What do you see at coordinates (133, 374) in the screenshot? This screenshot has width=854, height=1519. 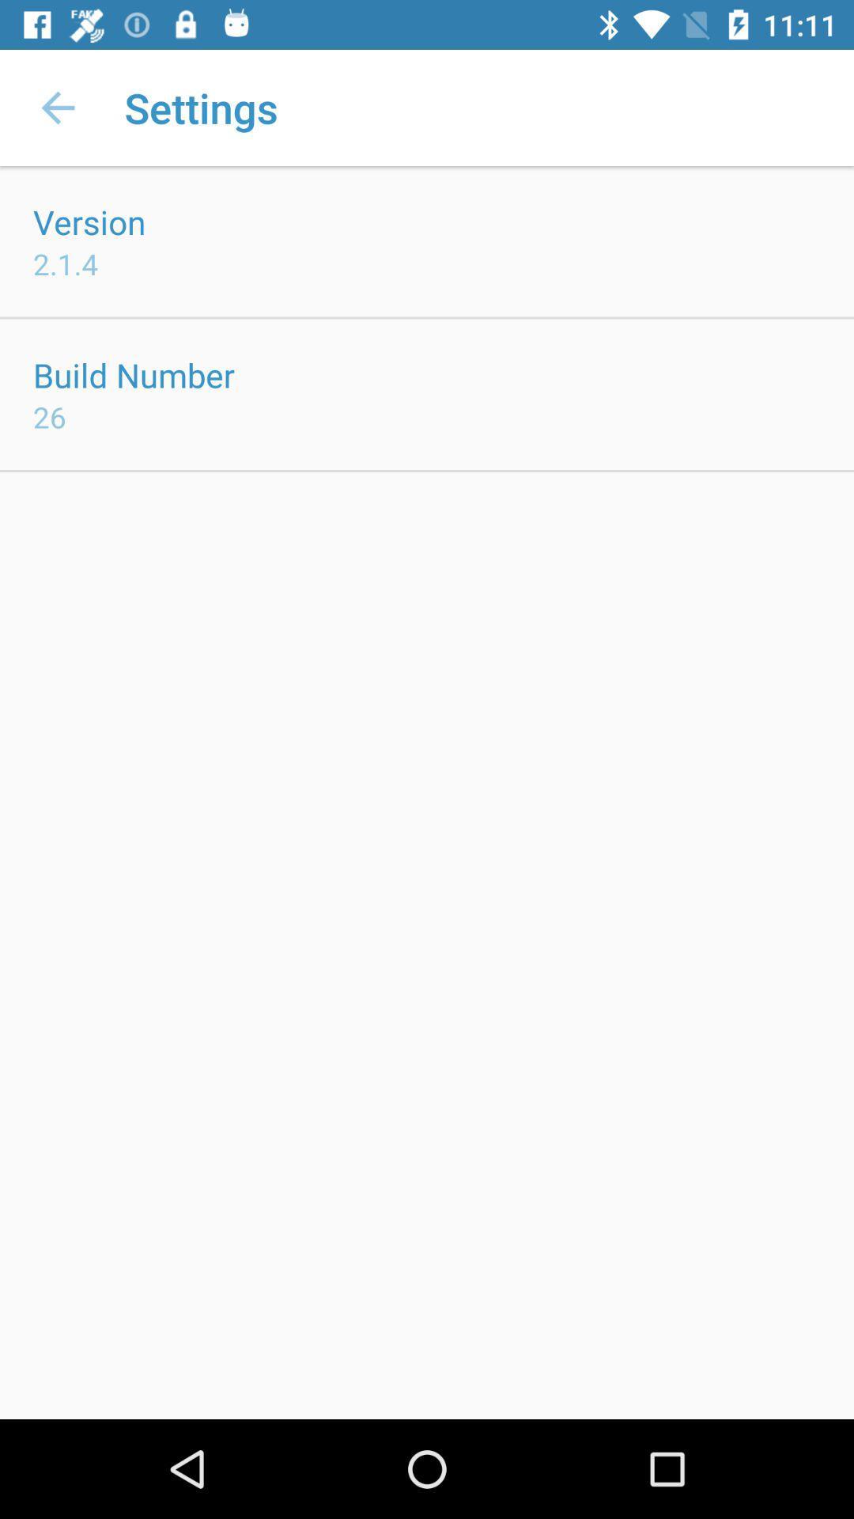 I see `icon above the 26 icon` at bounding box center [133, 374].